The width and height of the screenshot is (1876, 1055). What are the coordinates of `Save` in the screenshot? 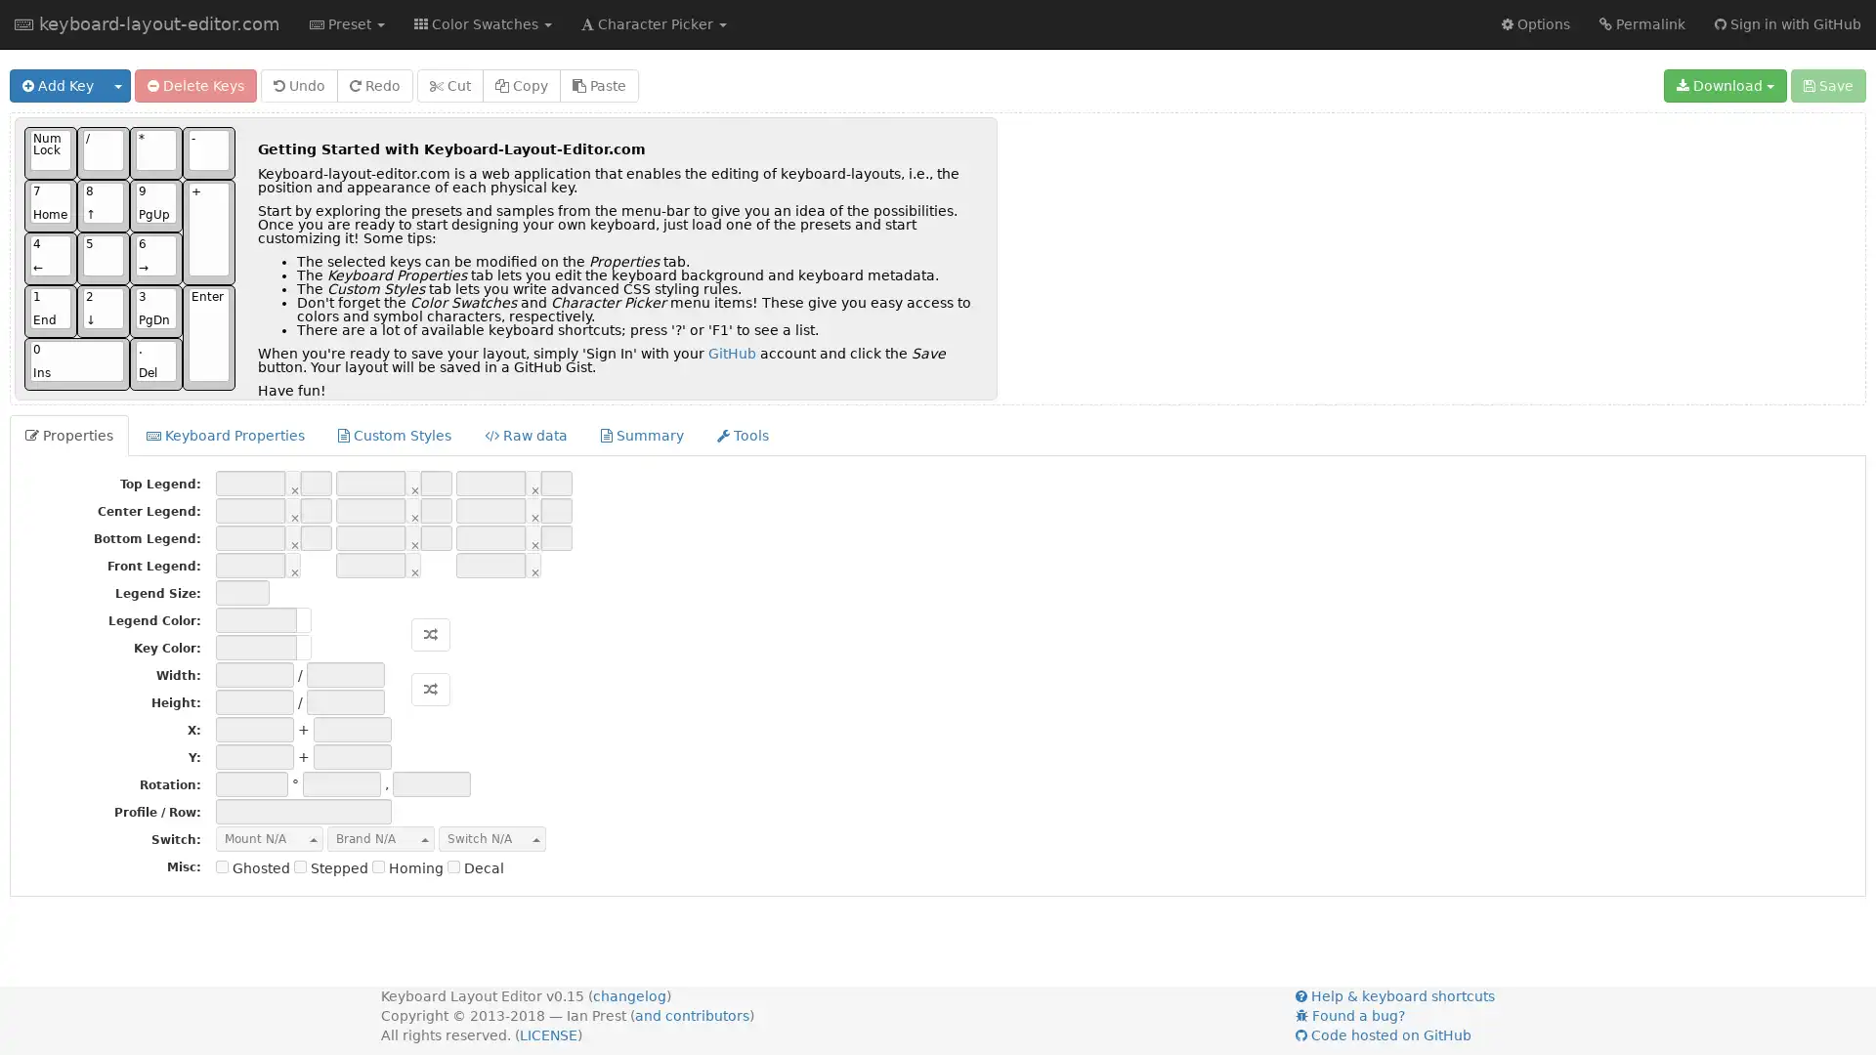 It's located at (1827, 85).